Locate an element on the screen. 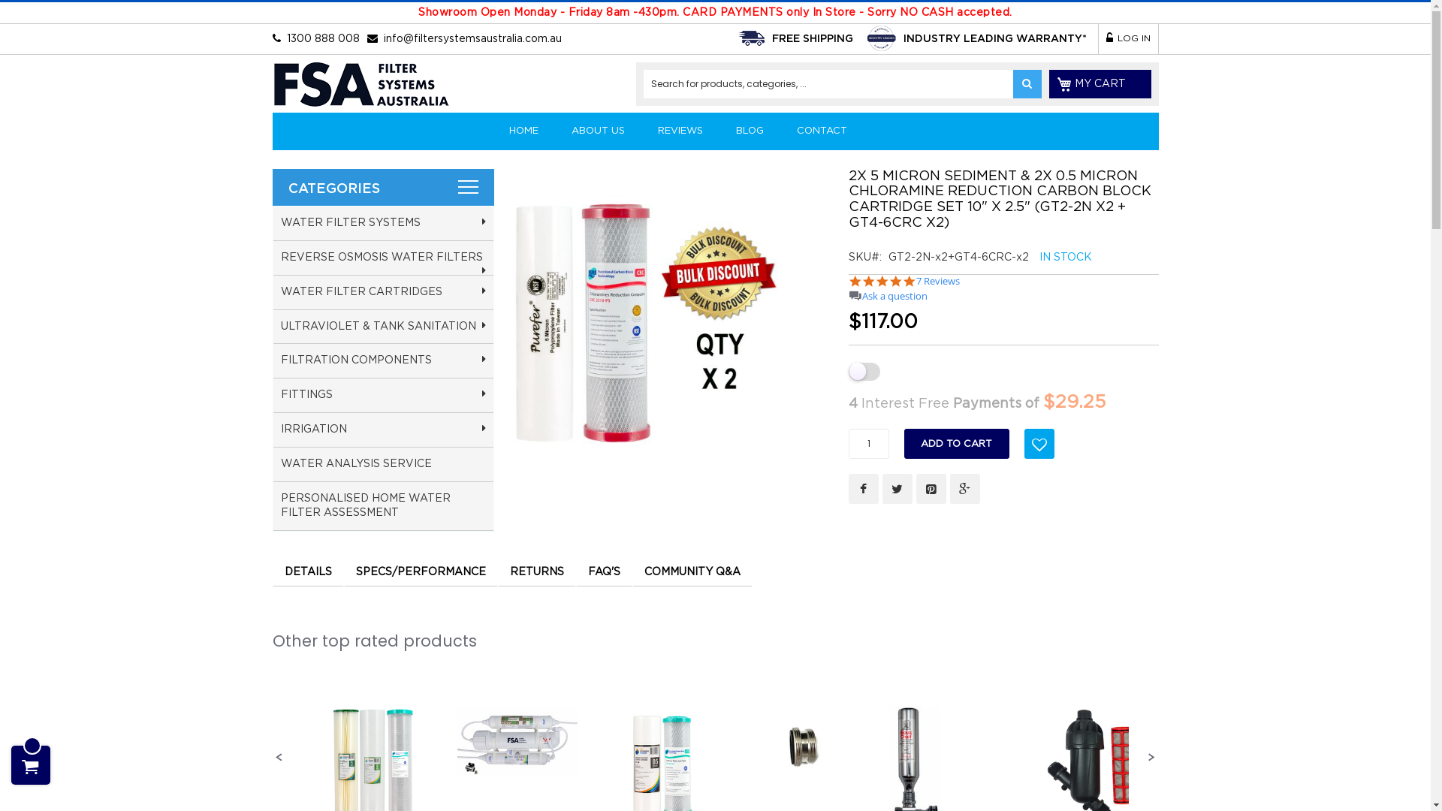  'FILTRATION COMPONENTS' is located at coordinates (383, 361).